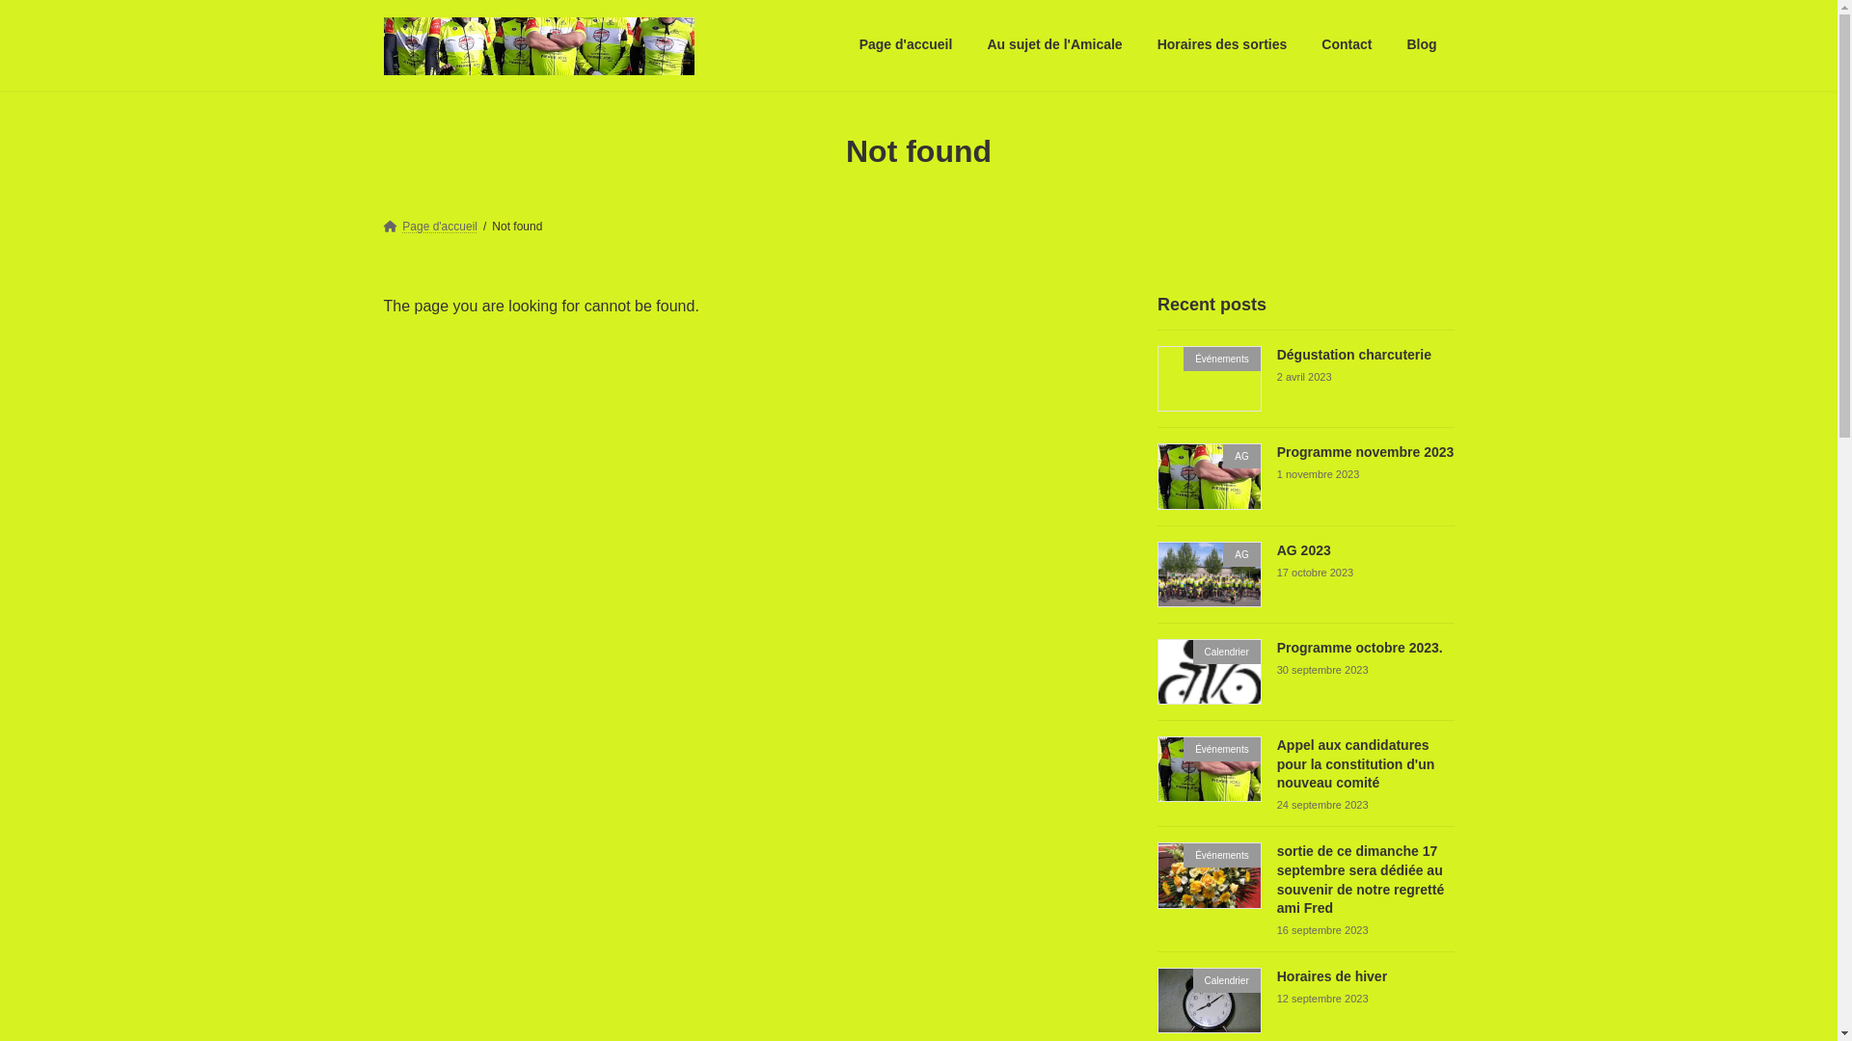 Image resolution: width=1852 pixels, height=1041 pixels. I want to click on 'AG 2023', so click(1302, 549).